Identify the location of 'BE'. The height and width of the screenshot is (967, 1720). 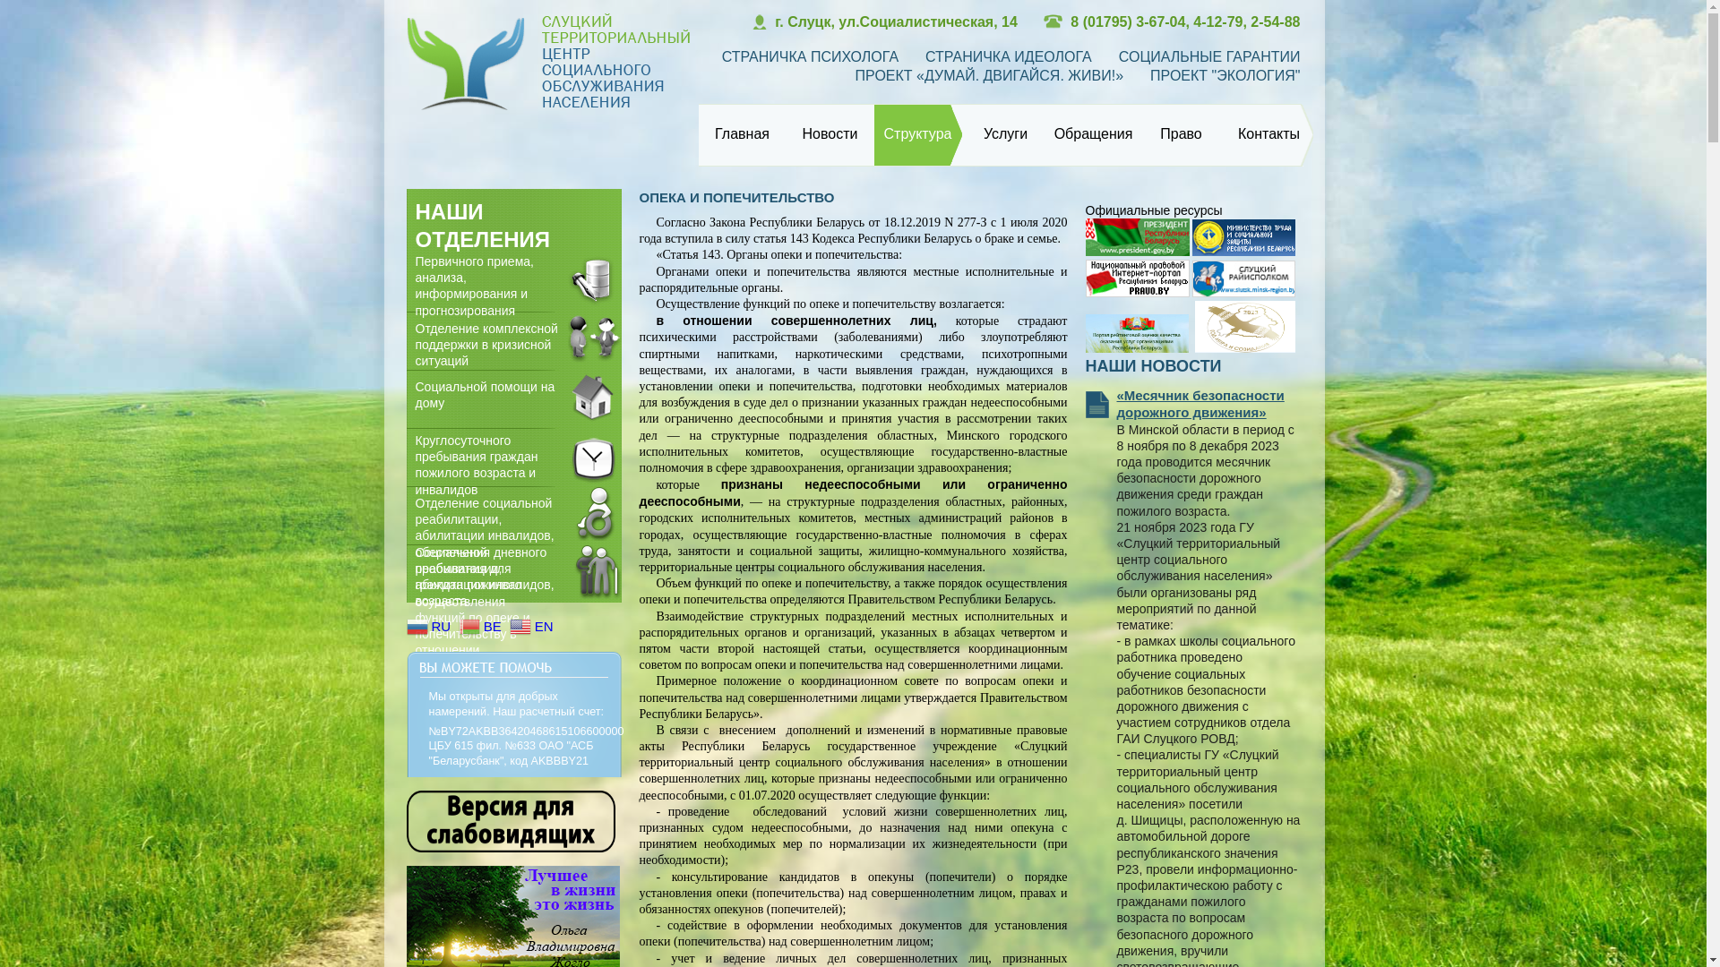
(482, 624).